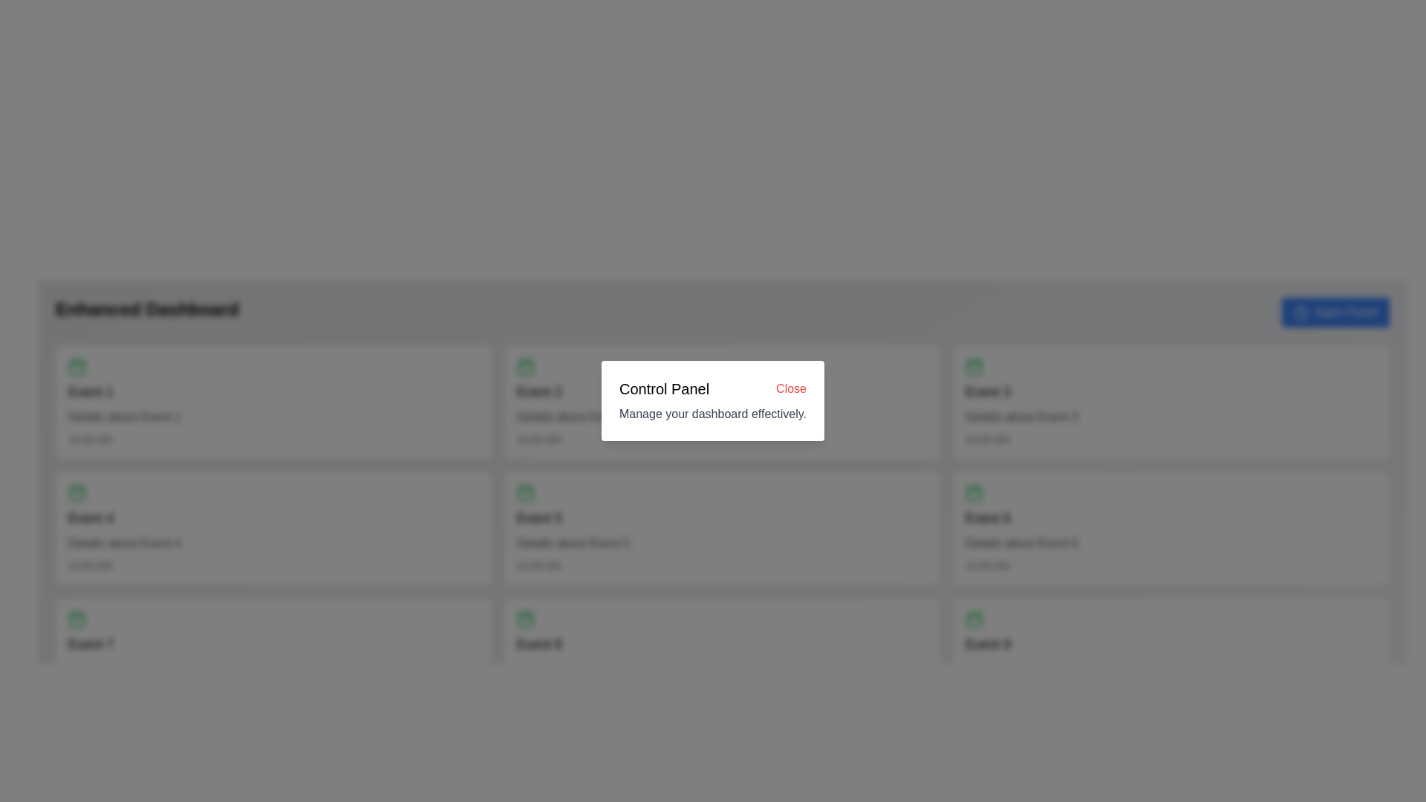 The height and width of the screenshot is (802, 1426). What do you see at coordinates (274, 654) in the screenshot?
I see `the first card in the third row of the grid layout, which represents a calendar event or schedule entry` at bounding box center [274, 654].